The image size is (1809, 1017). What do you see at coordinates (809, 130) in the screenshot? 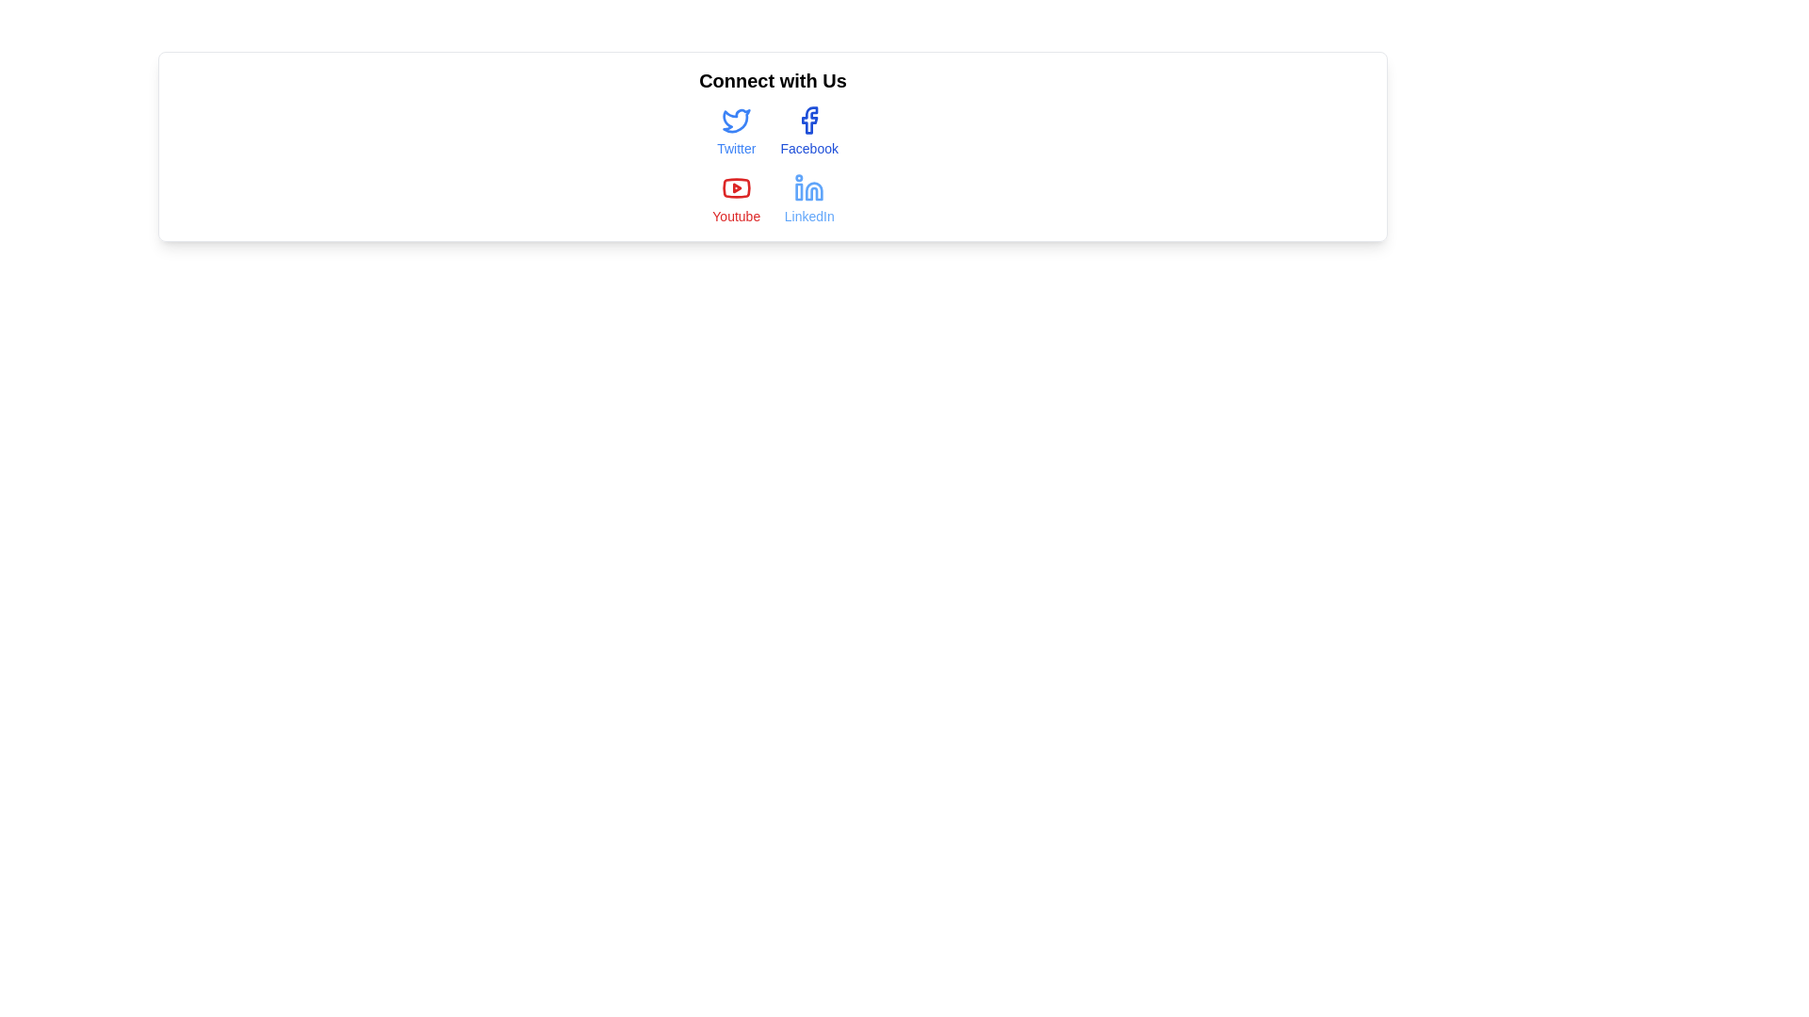
I see `the Facebook button-like hyperlink located in the top-right slot of the grid layout` at bounding box center [809, 130].